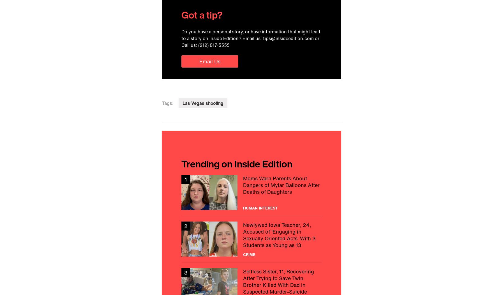 The height and width of the screenshot is (295, 503). Describe the element at coordinates (249, 254) in the screenshot. I see `'Crime'` at that location.